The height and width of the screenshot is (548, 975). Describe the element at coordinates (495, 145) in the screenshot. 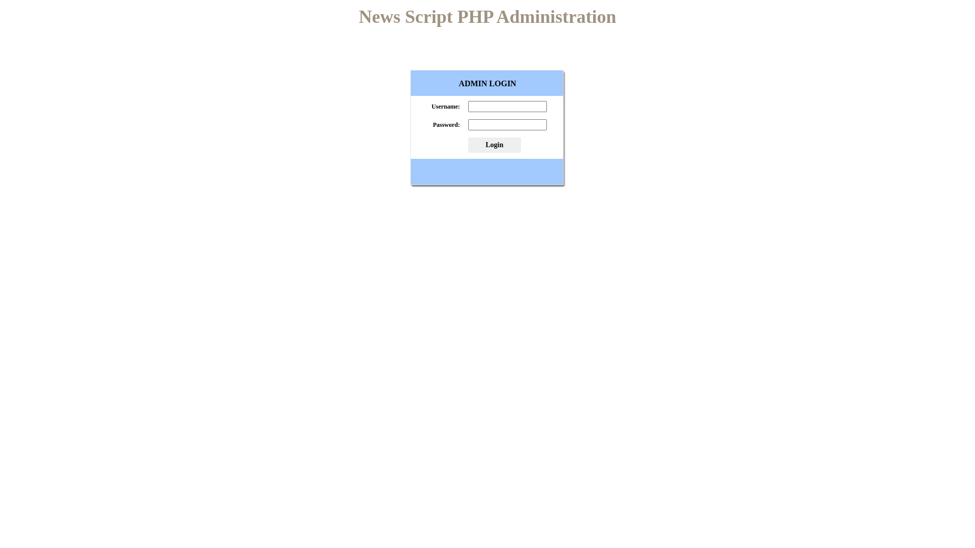

I see `'Login'` at that location.